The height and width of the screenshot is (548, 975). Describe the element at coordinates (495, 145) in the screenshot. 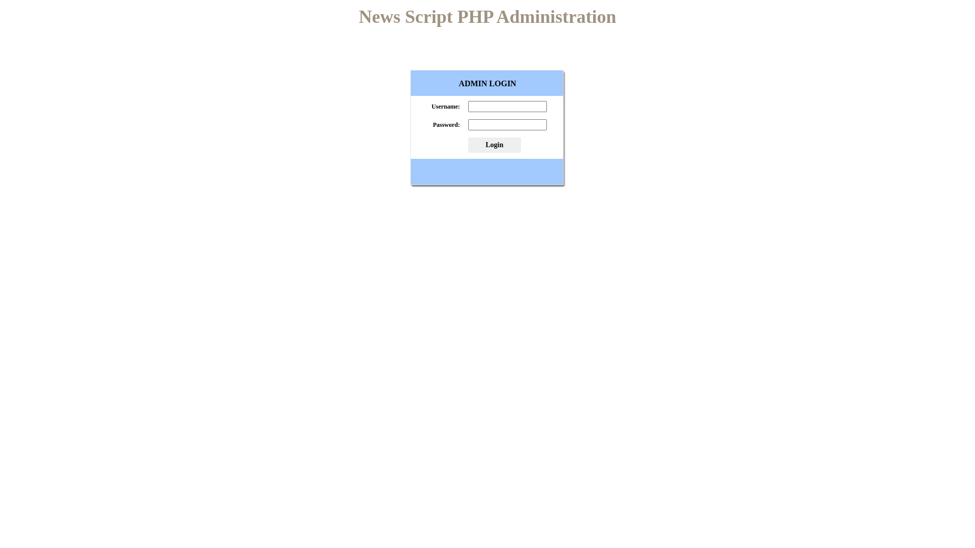

I see `'Login'` at that location.